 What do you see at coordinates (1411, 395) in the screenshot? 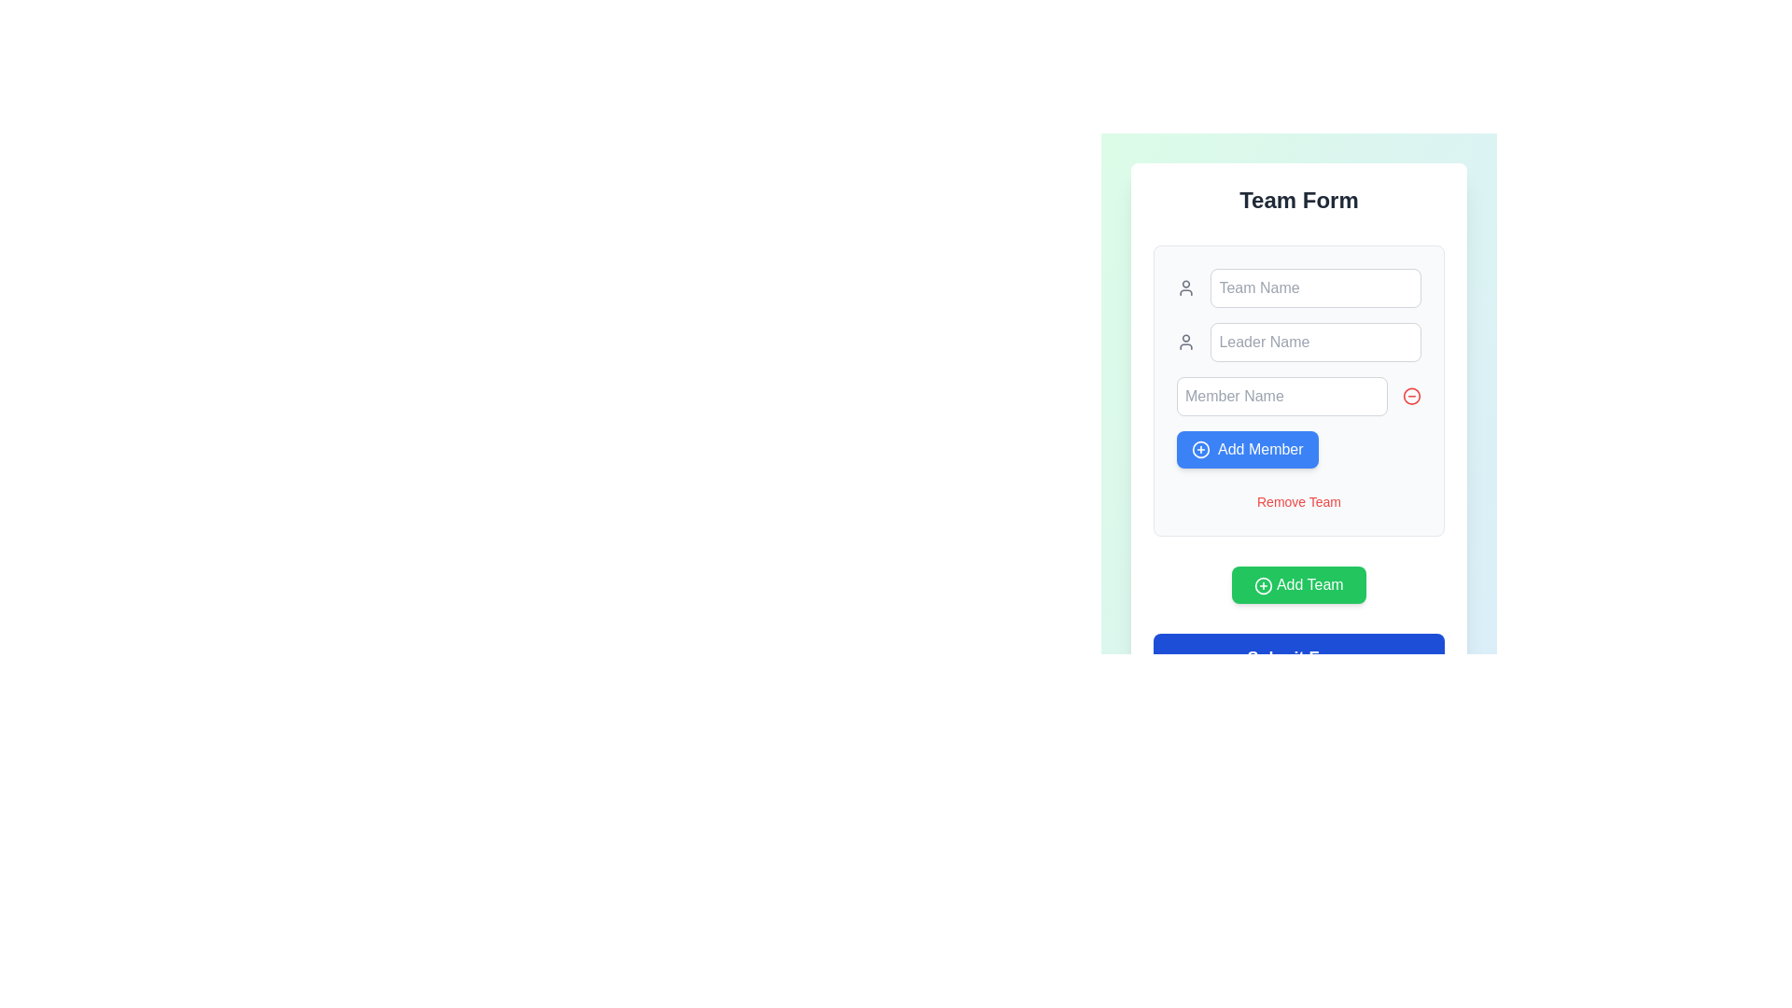
I see `the interactive icon located to the right of the 'Member Name' input field to initiate the removal action` at bounding box center [1411, 395].